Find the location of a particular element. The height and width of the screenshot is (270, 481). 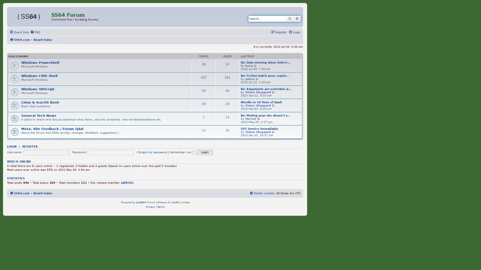

Search is located at coordinates (290, 18).